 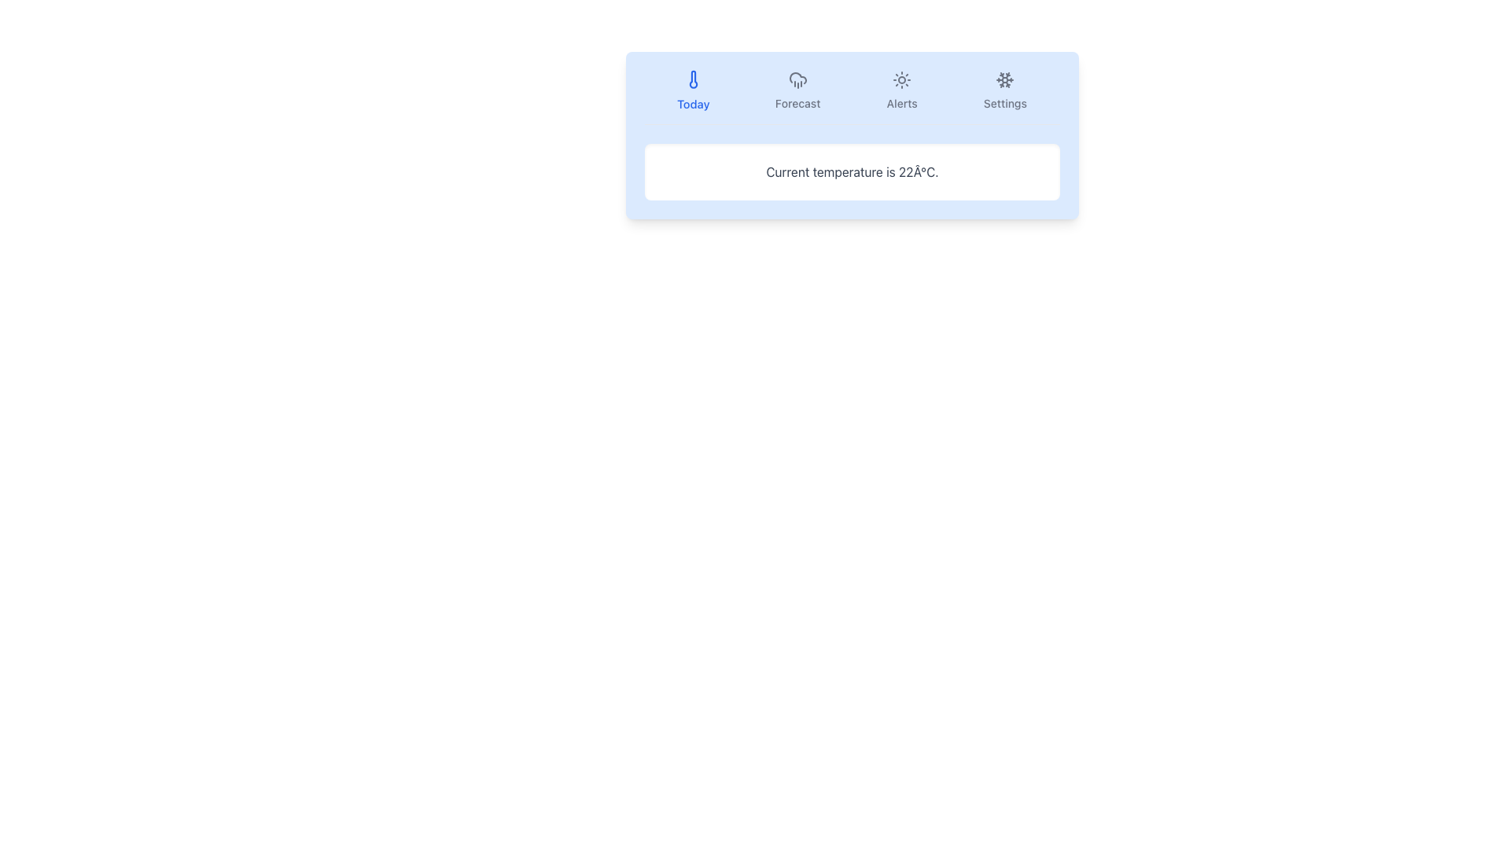 What do you see at coordinates (797, 103) in the screenshot?
I see `the 'Forecast' text label, which is styled in gray and located under the cloud with rain icon in the navigation bar` at bounding box center [797, 103].